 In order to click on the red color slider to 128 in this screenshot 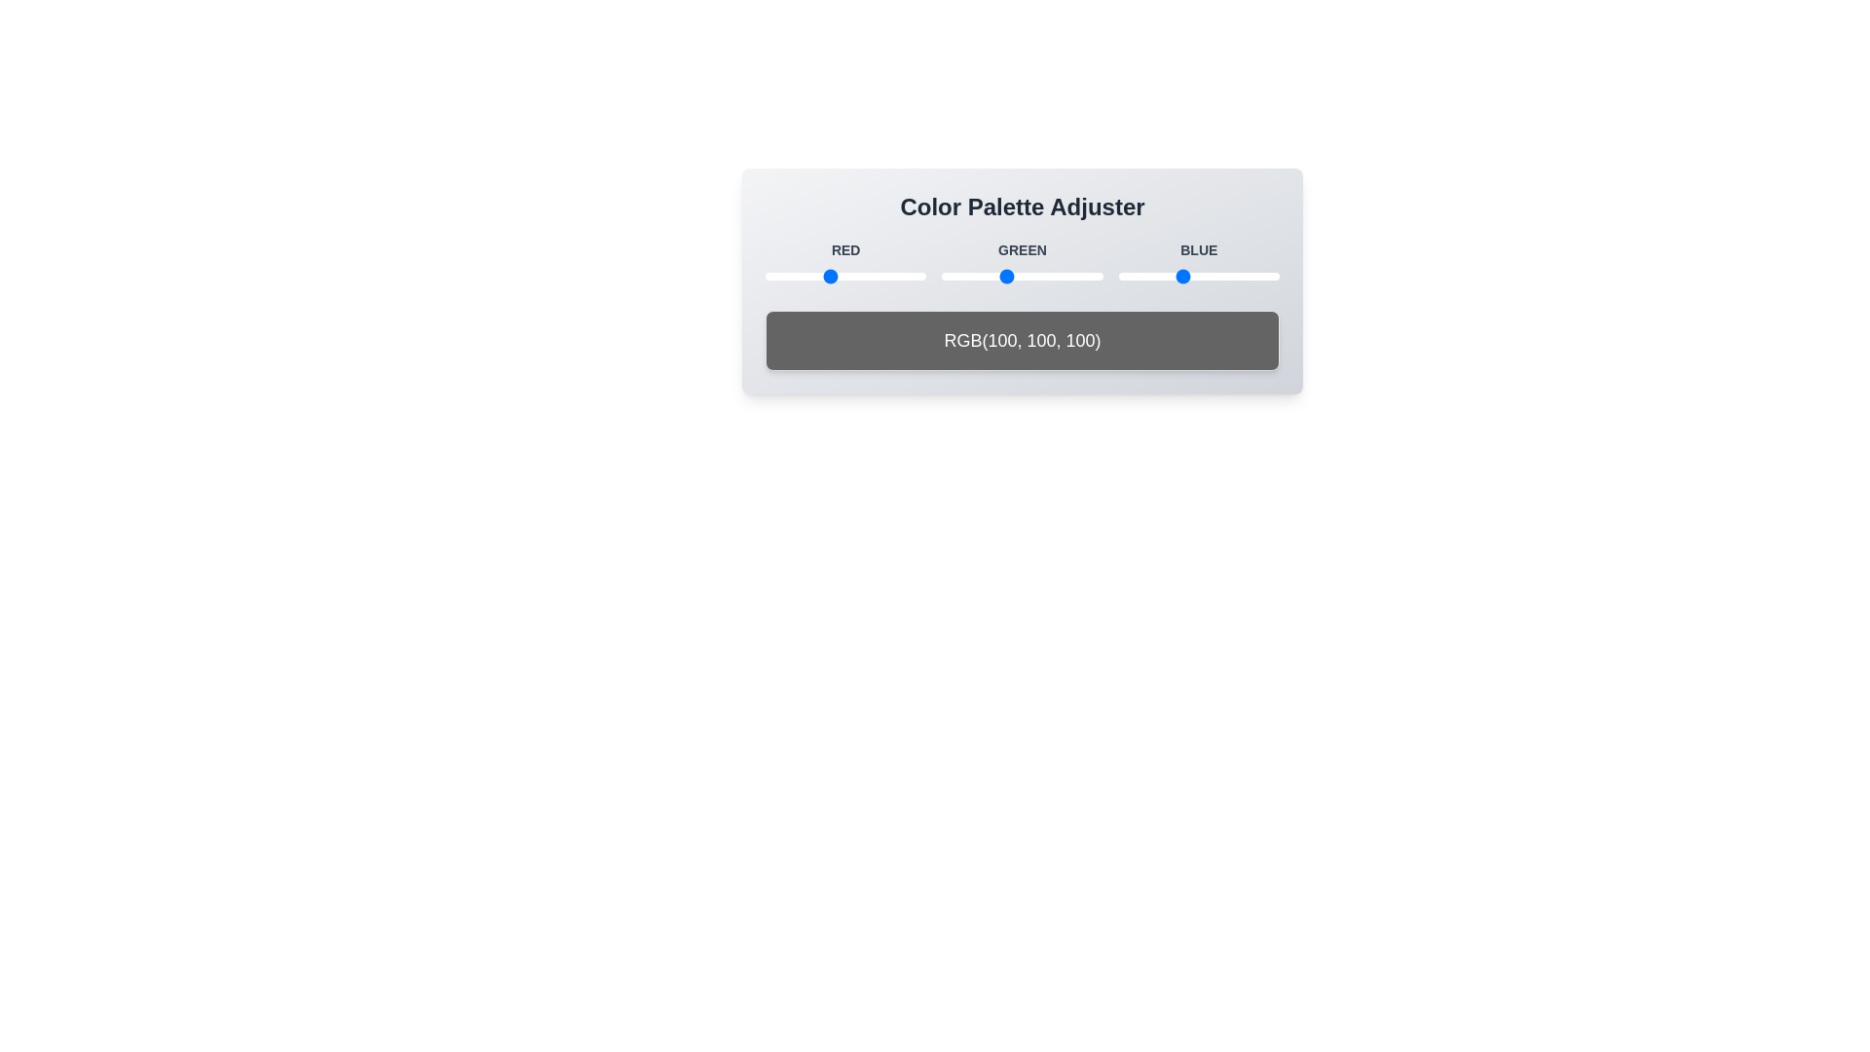, I will do `click(845, 277)`.